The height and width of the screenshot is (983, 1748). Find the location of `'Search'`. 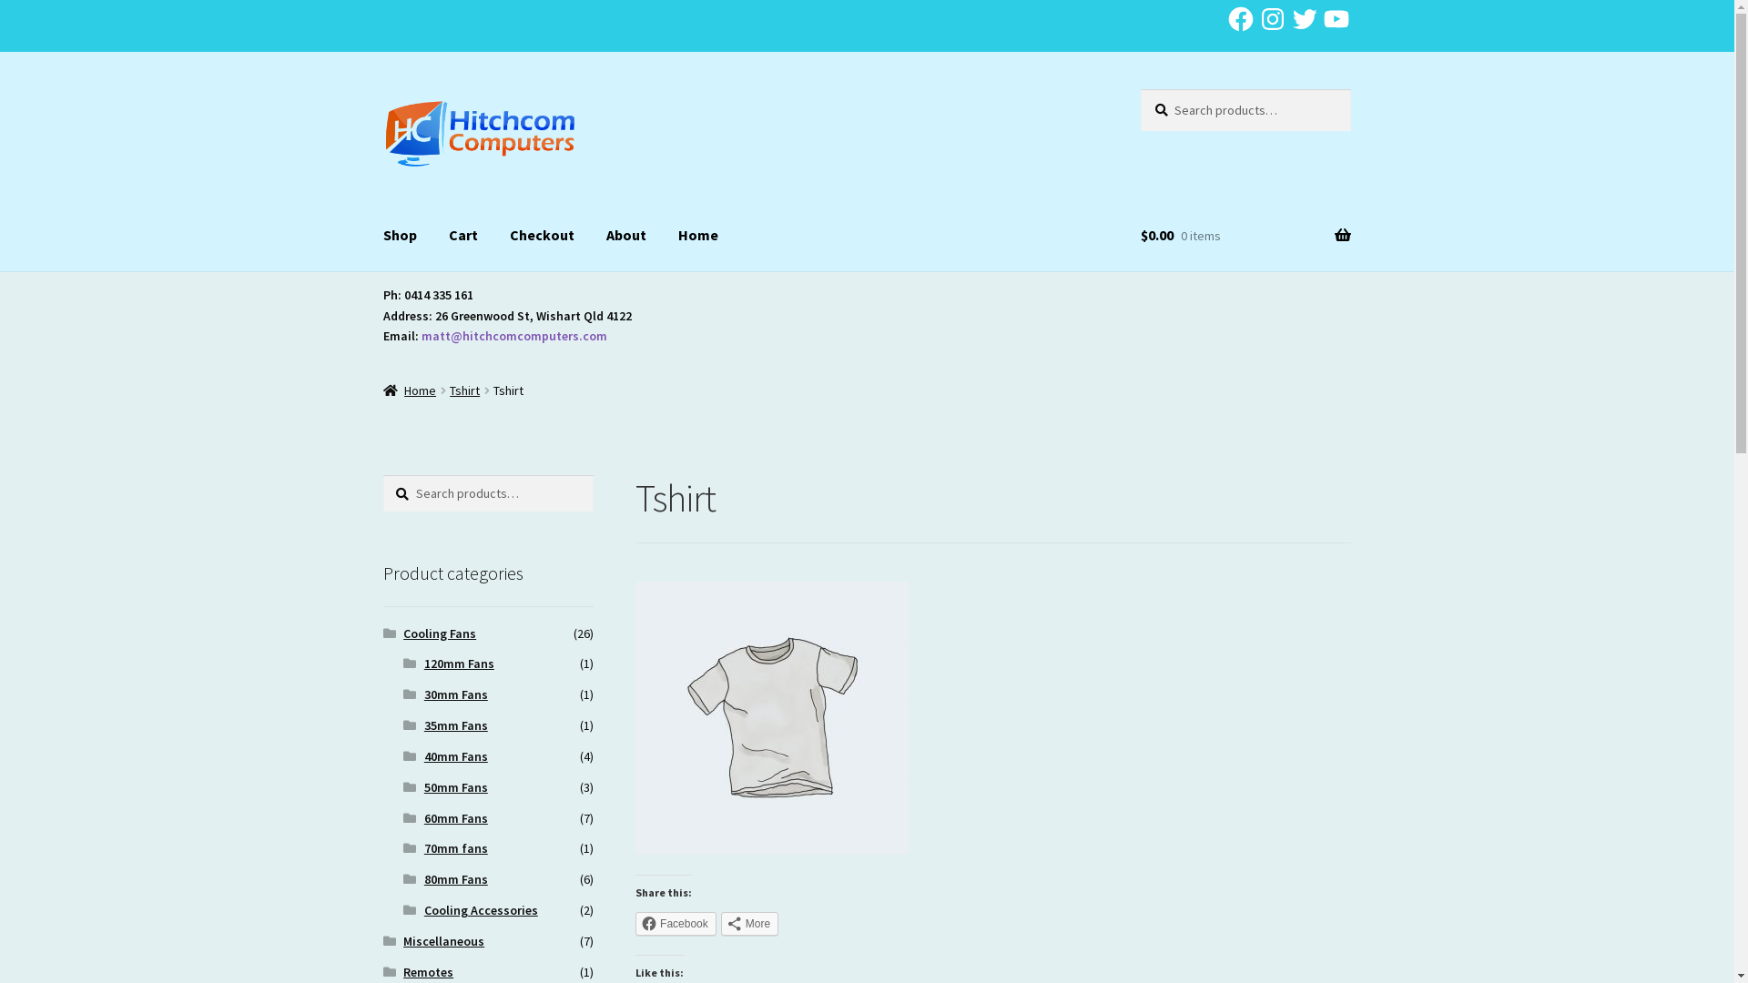

'Search' is located at coordinates (381, 473).